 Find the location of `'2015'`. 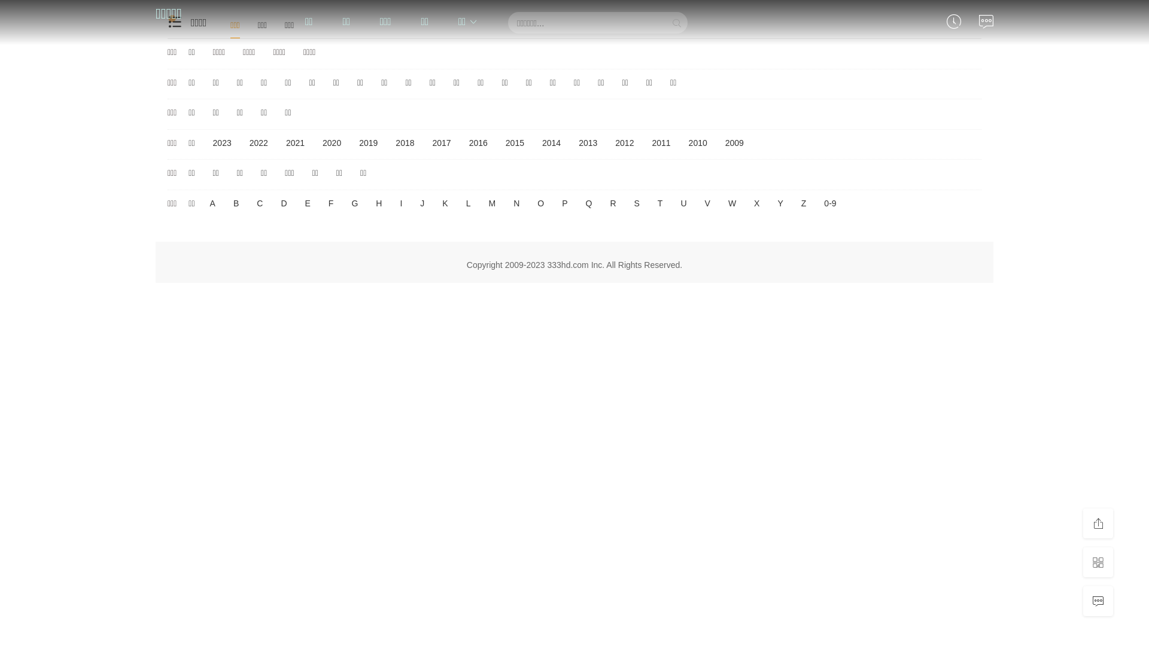

'2015' is located at coordinates (515, 142).